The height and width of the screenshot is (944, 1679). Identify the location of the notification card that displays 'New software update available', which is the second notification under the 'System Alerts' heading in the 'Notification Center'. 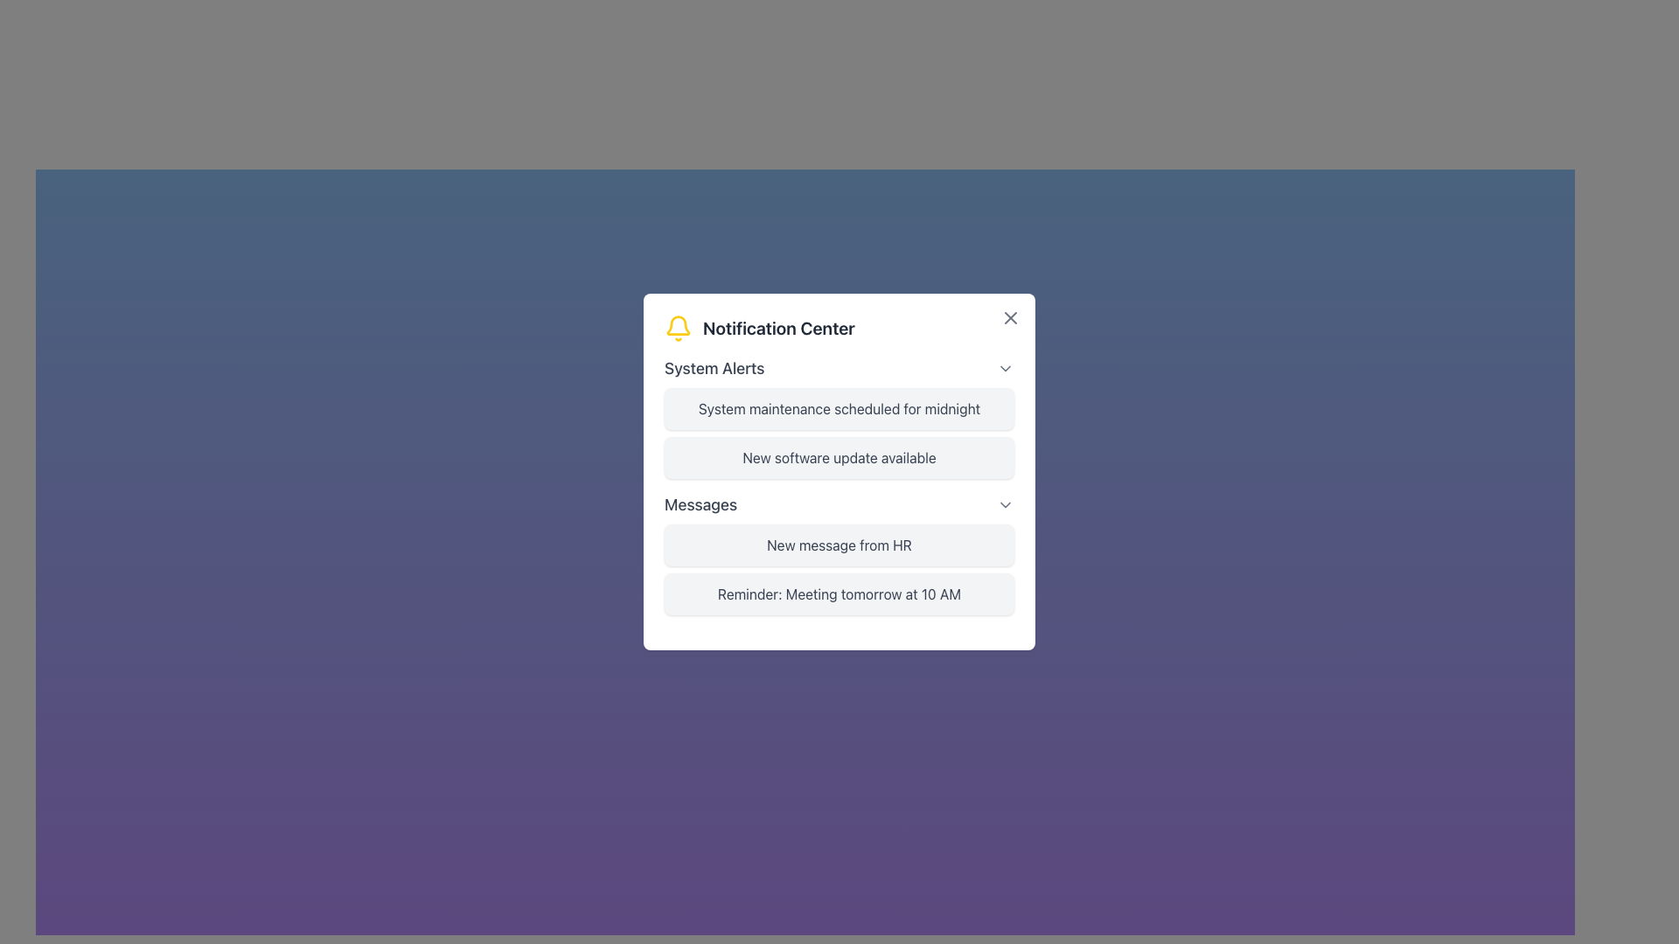
(839, 457).